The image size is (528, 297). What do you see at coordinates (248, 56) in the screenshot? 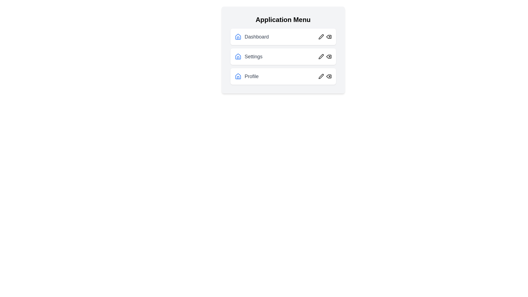
I see `the 'Settings' menu item which includes a bold gray text label and a blue house icon, positioned in the Application Menu below 'Dashboard' and above 'Profile'` at bounding box center [248, 56].